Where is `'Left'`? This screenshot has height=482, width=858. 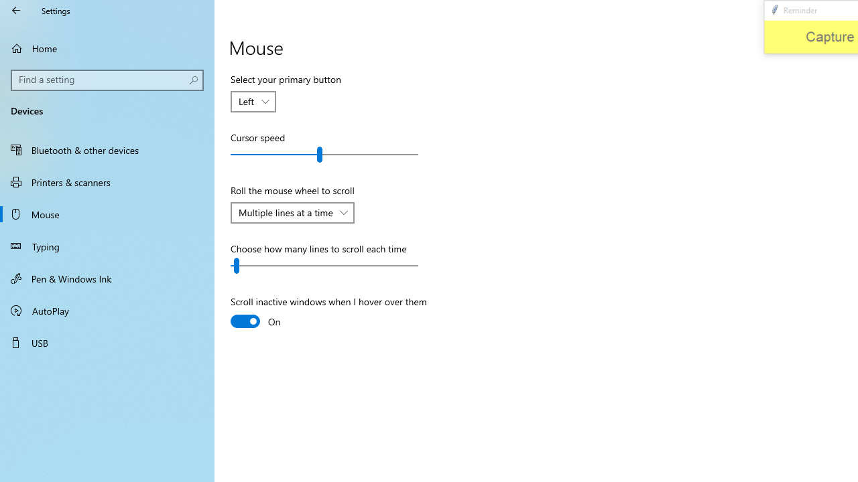 'Left' is located at coordinates (247, 100).